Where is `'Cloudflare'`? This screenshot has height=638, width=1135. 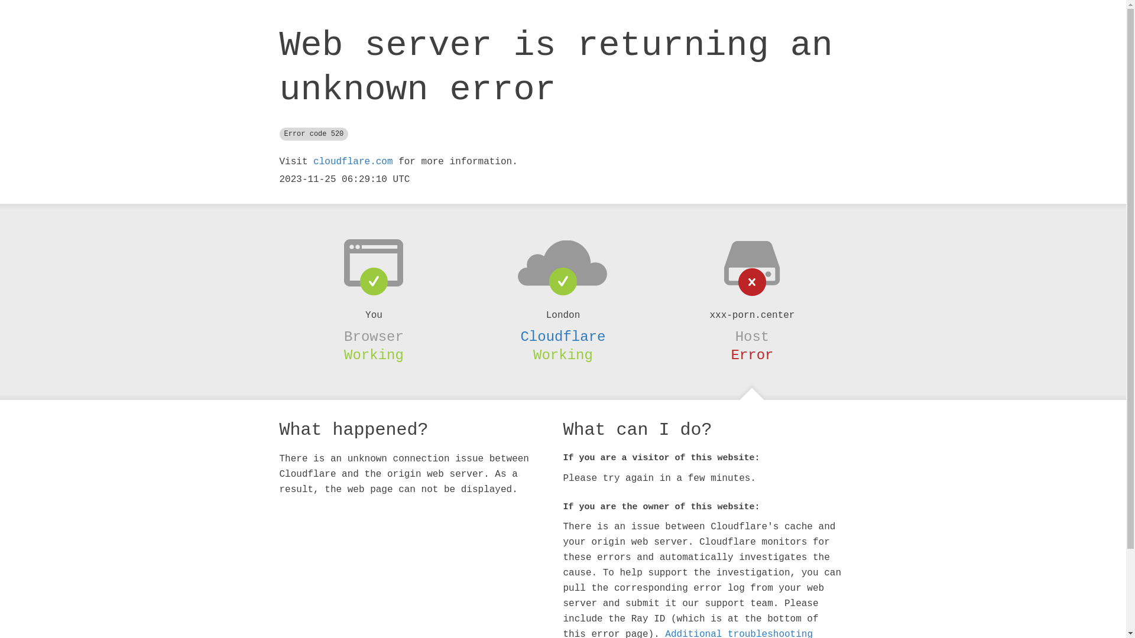 'Cloudflare' is located at coordinates (562, 337).